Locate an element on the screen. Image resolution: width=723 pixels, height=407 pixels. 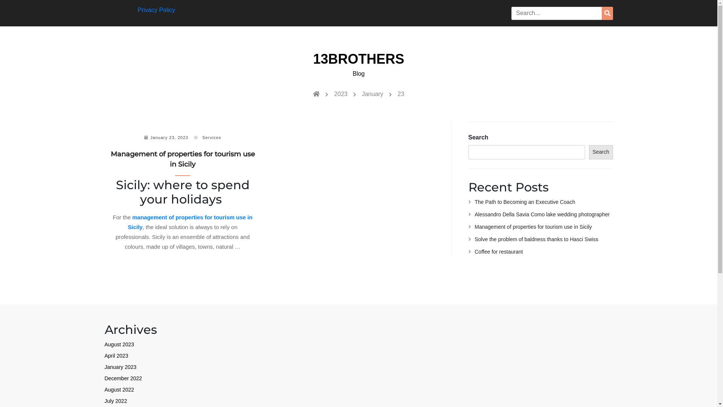
'January 2023' is located at coordinates (120, 367).